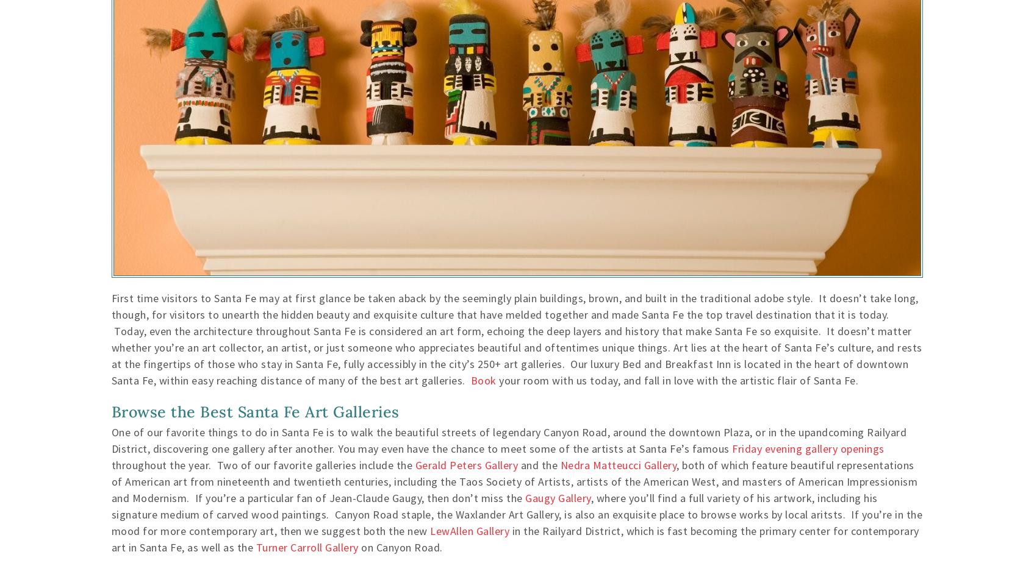  I want to click on 'Nedra Matteucci Gallery', so click(617, 464).